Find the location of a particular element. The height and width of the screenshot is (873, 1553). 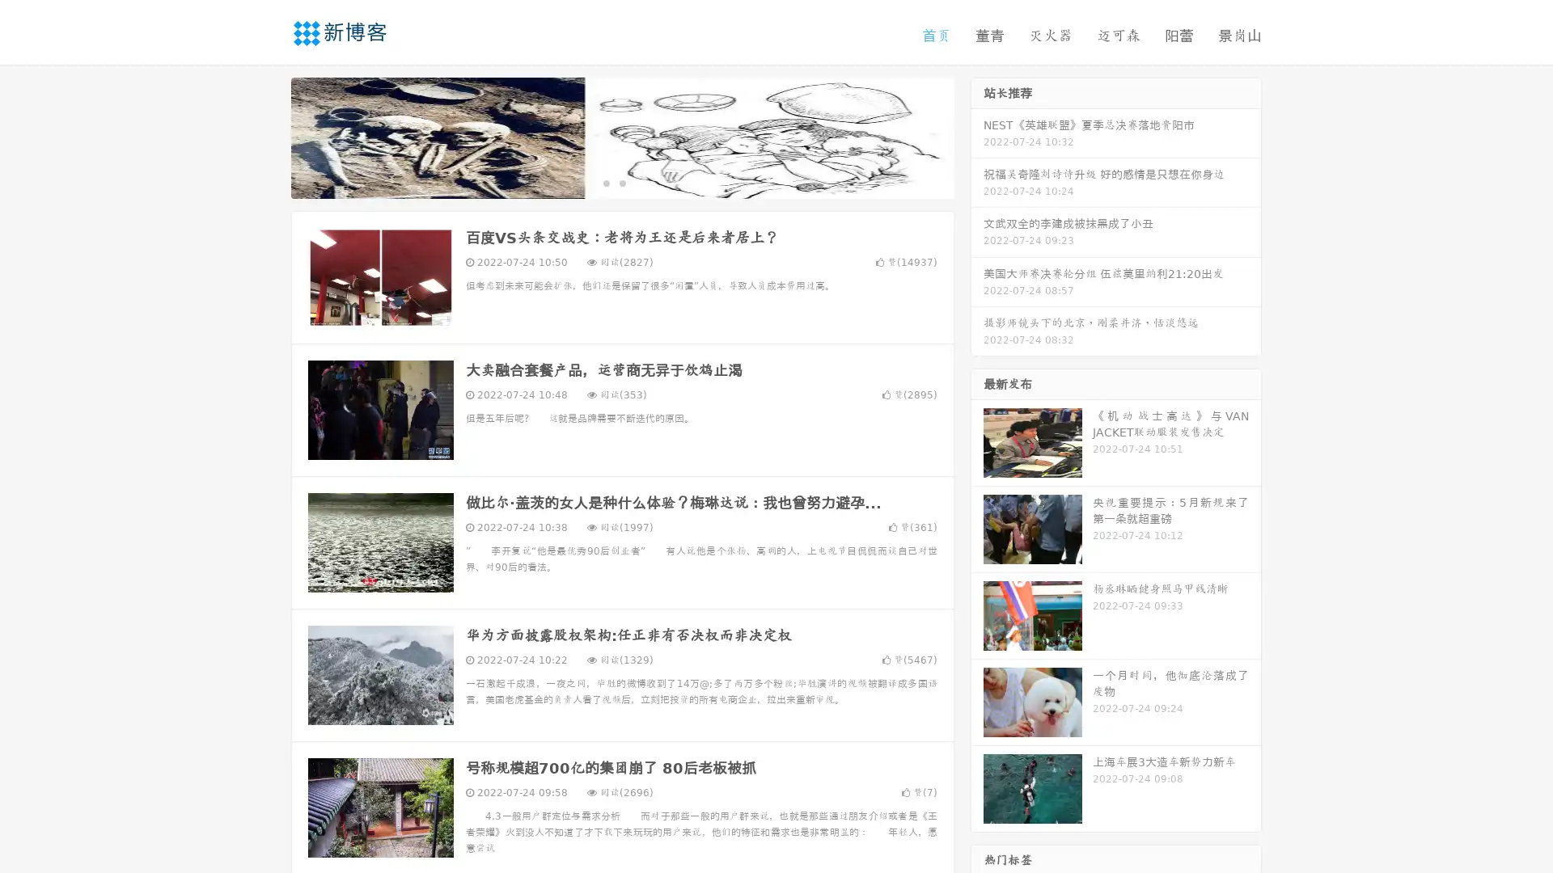

Go to slide 2 is located at coordinates (621, 182).